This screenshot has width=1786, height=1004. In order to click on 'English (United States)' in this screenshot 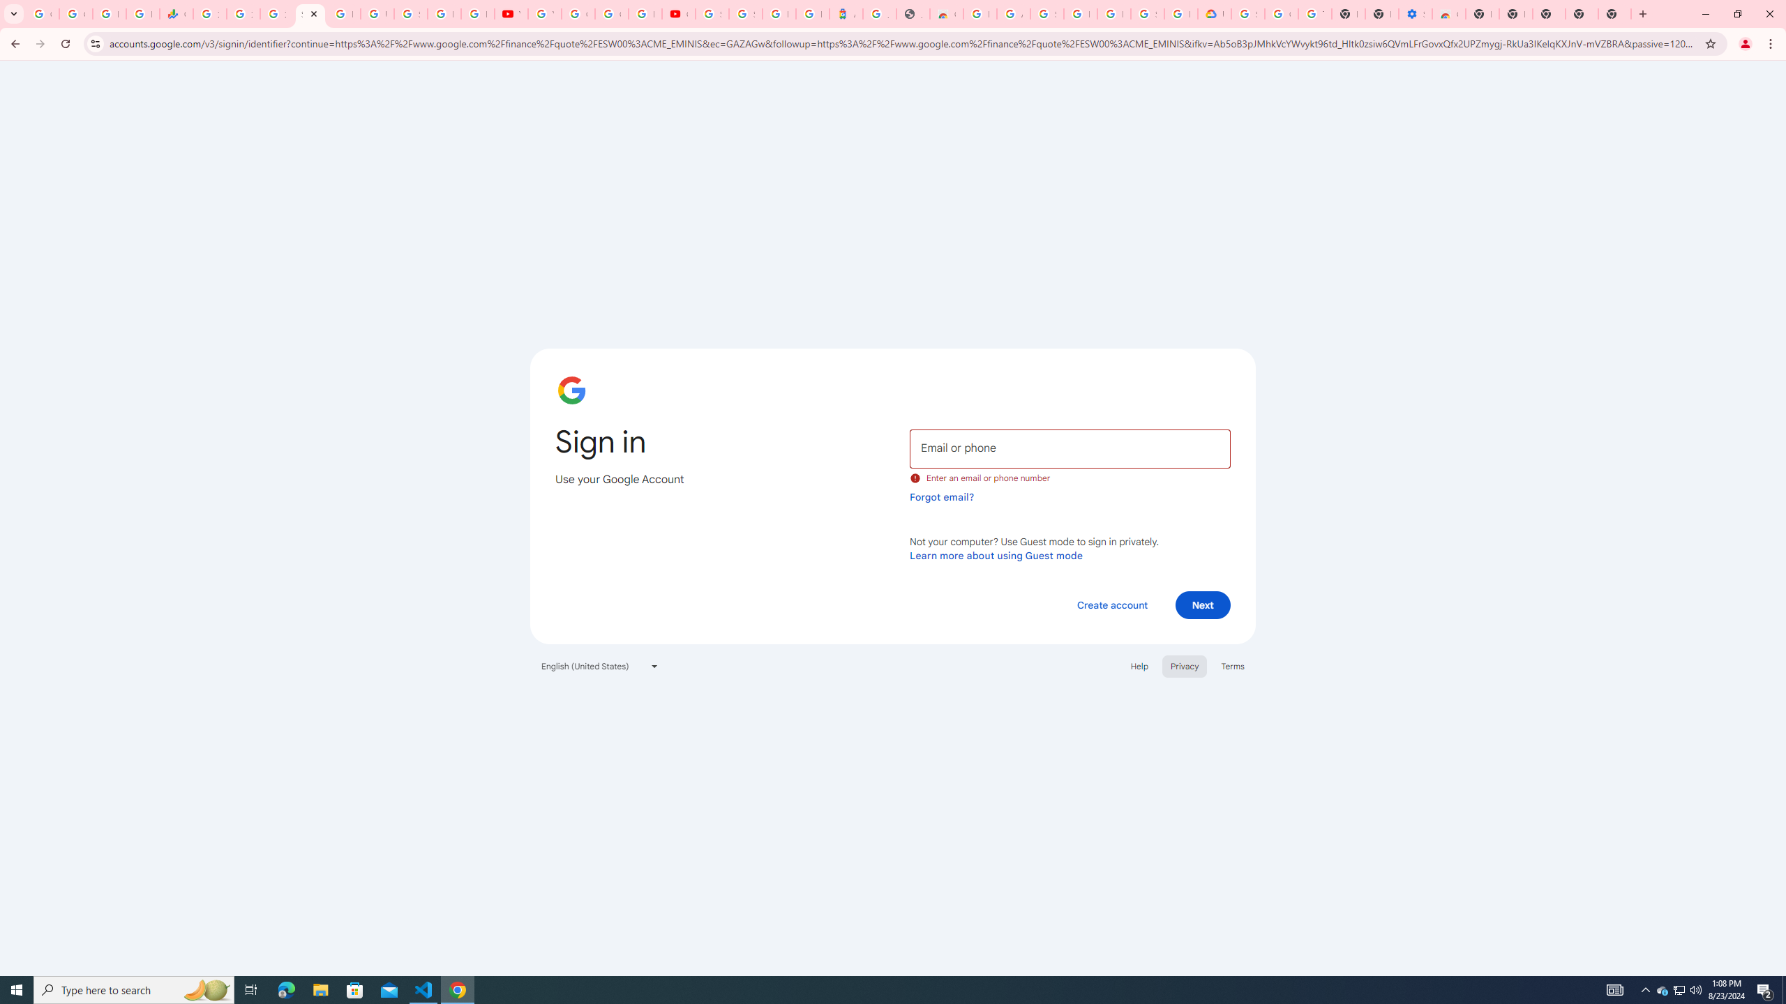, I will do `click(600, 665)`.